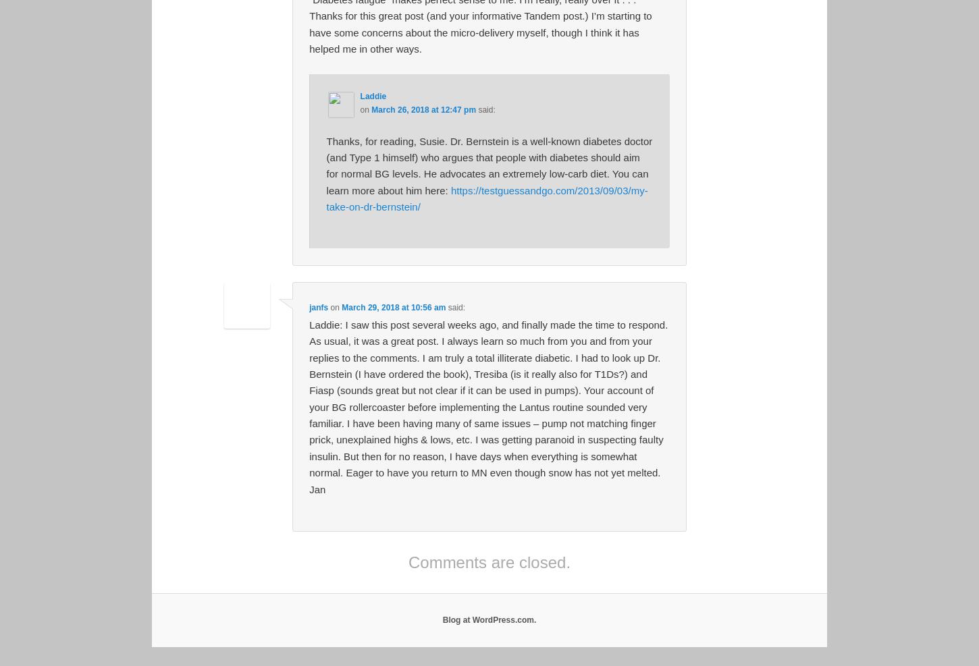  Describe the element at coordinates (487, 406) in the screenshot. I see `'Laddie:  I saw this post several weeks ago, and finally made the time to respond.  As usual, it was a great post.  I always learn so much from you and from your replies to the comments. I am truly a total illiterate diabetic.  I had to look up Dr. Bernstein (I have ordered the book), Tresiba (is it really also for T1Ds?) and Fiasp (sounds great but not clear if it can be used in pumps).  Your account of your BG rollercoaster before implementing the Lantus routine sounded very familiar.  I have been having many of same issues – pump not matching finger prick, unexplained highs & lows, etc.  I was getting paranoid in suspecting faulty insulin. But then for no reason, I have days when everything is somewhat normal.  Eager to have you return to MN even though snow has not yet melted.  Jan'` at that location.